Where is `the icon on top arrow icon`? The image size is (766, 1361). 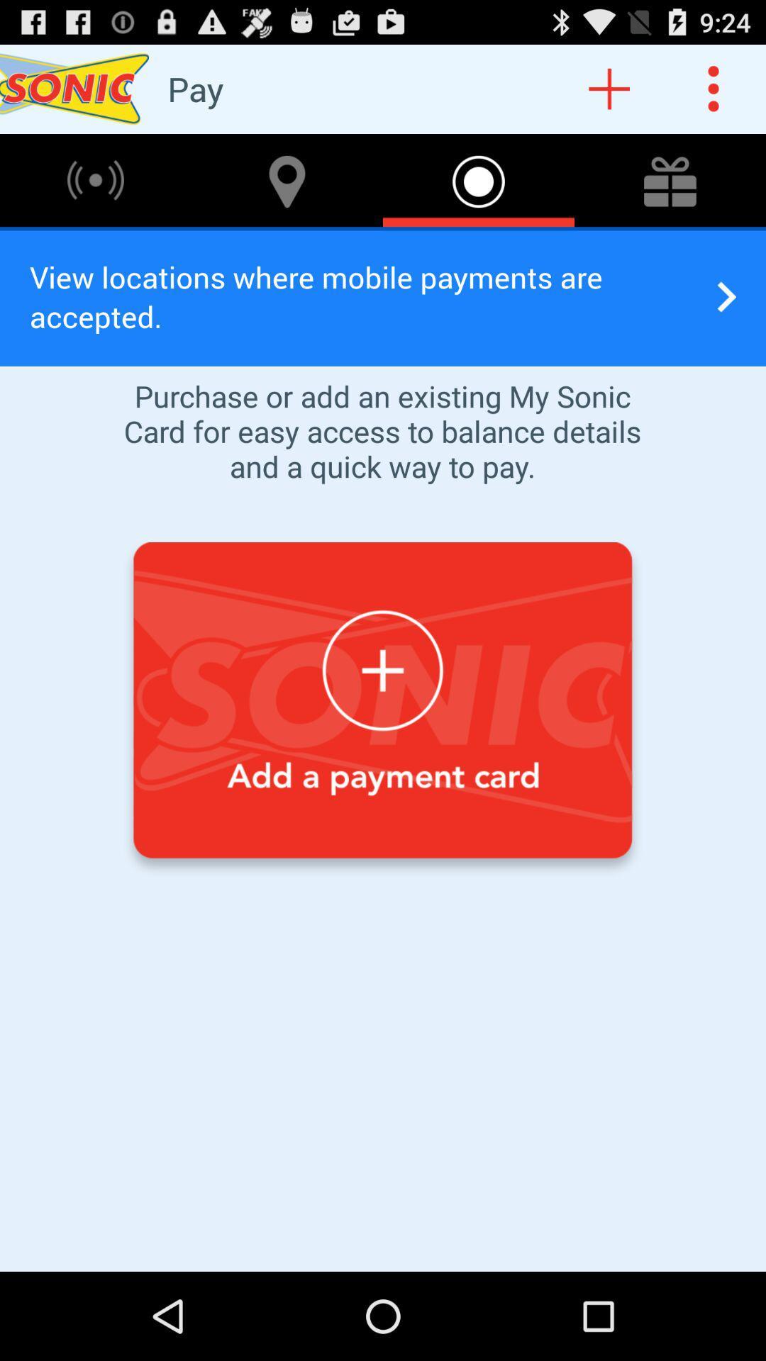
the icon on top arrow icon is located at coordinates (670, 179).